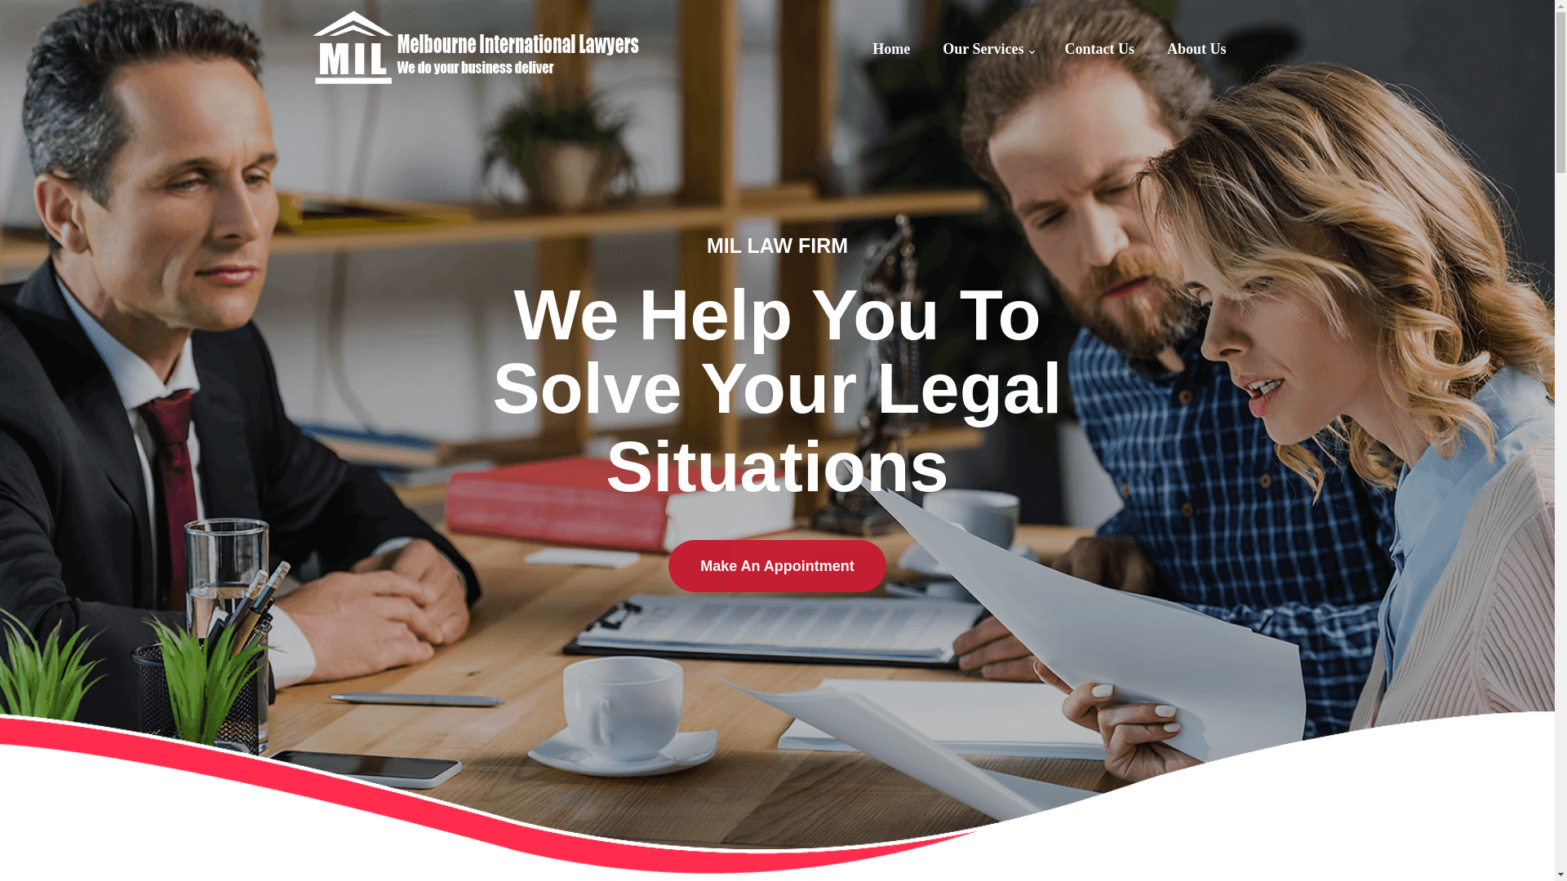 The image size is (1567, 881). What do you see at coordinates (473, 46) in the screenshot?
I see `'Melbourne International Lawyers'` at bounding box center [473, 46].